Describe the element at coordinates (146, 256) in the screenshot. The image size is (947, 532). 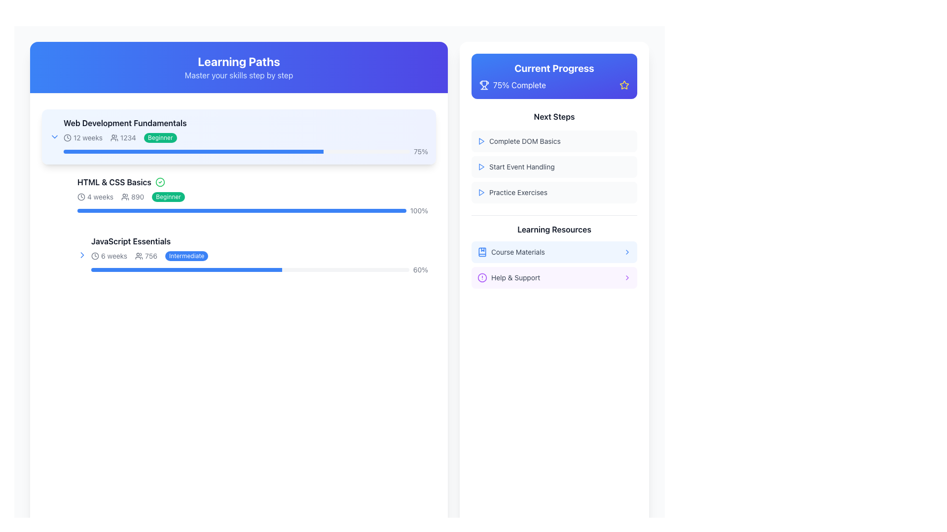
I see `the informational indicator showing the number of participants for the 'JavaScript Essentials' course, located between '6 weeks' and 'Intermediate'` at that location.